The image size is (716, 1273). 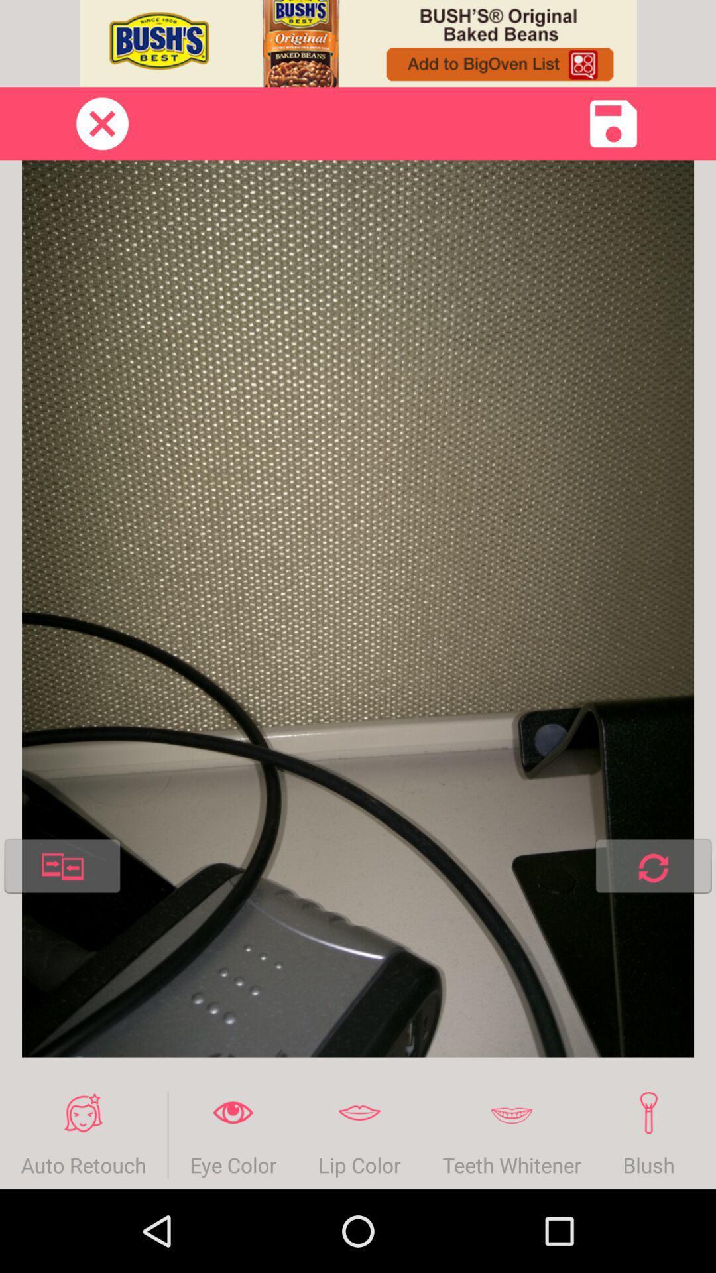 I want to click on the lip color item, so click(x=359, y=1134).